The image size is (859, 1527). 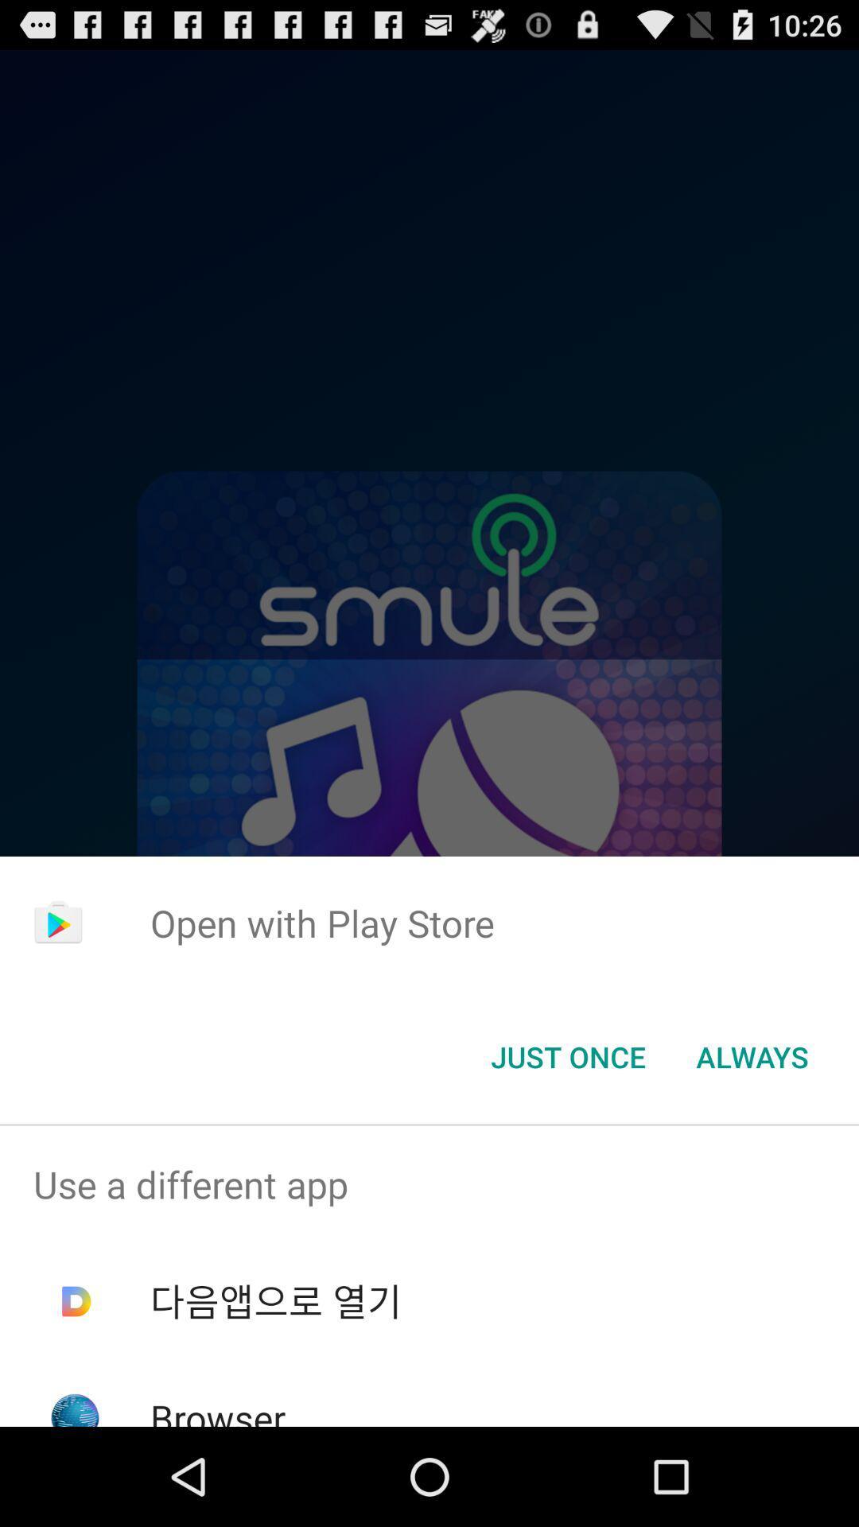 What do you see at coordinates (275, 1301) in the screenshot?
I see `icon above browser app` at bounding box center [275, 1301].